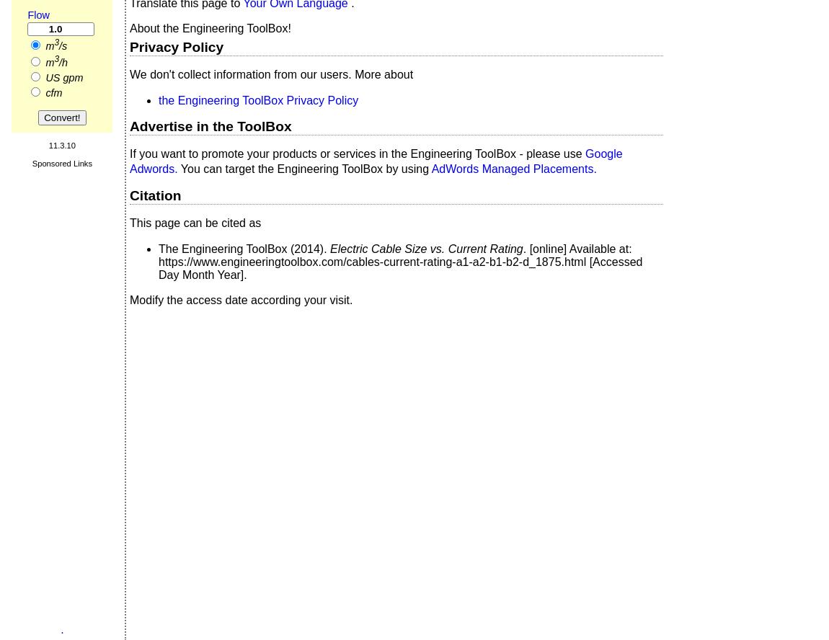  Describe the element at coordinates (306, 168) in the screenshot. I see `'You can target the Engineering ToolBox by using'` at that location.